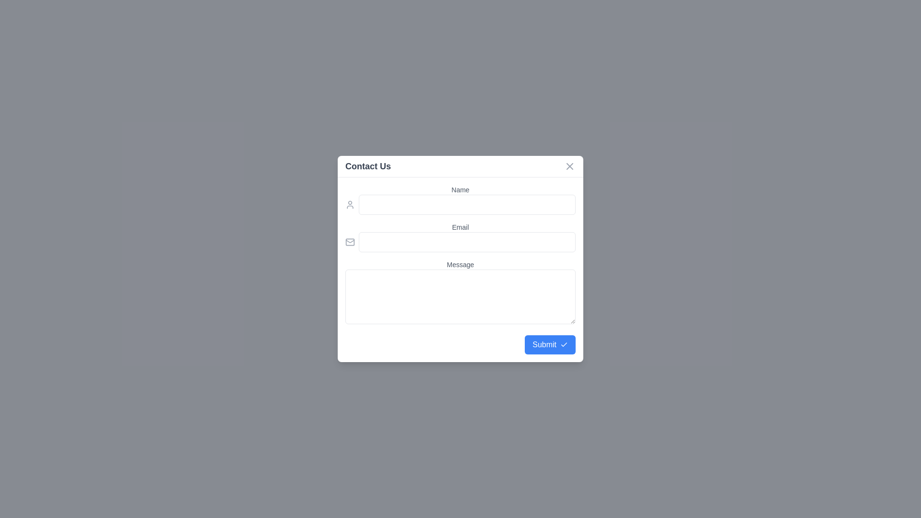 This screenshot has height=518, width=921. Describe the element at coordinates (349, 204) in the screenshot. I see `the user icon, which is a gray outlined figure representing user-related functionality, located to the left of the 'Name' input field` at that location.